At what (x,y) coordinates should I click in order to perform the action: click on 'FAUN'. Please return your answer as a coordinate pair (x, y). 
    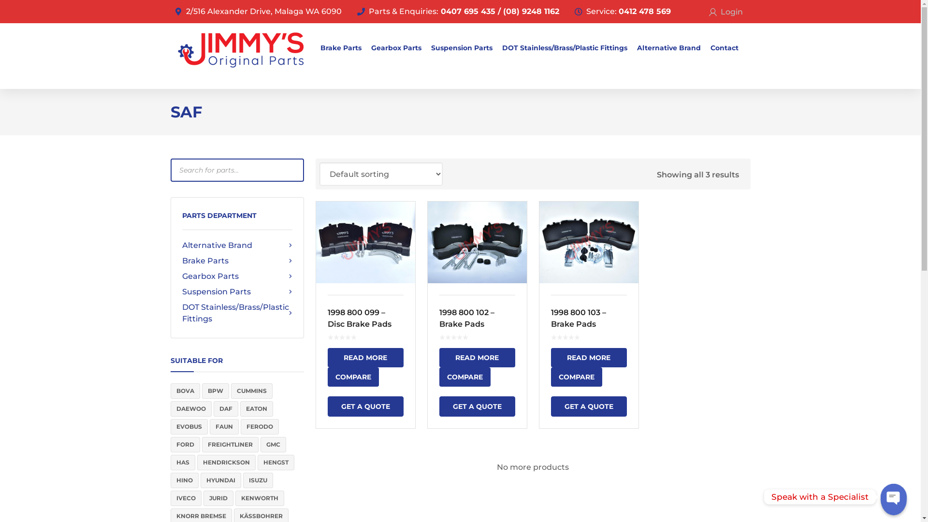
    Looking at the image, I should click on (224, 426).